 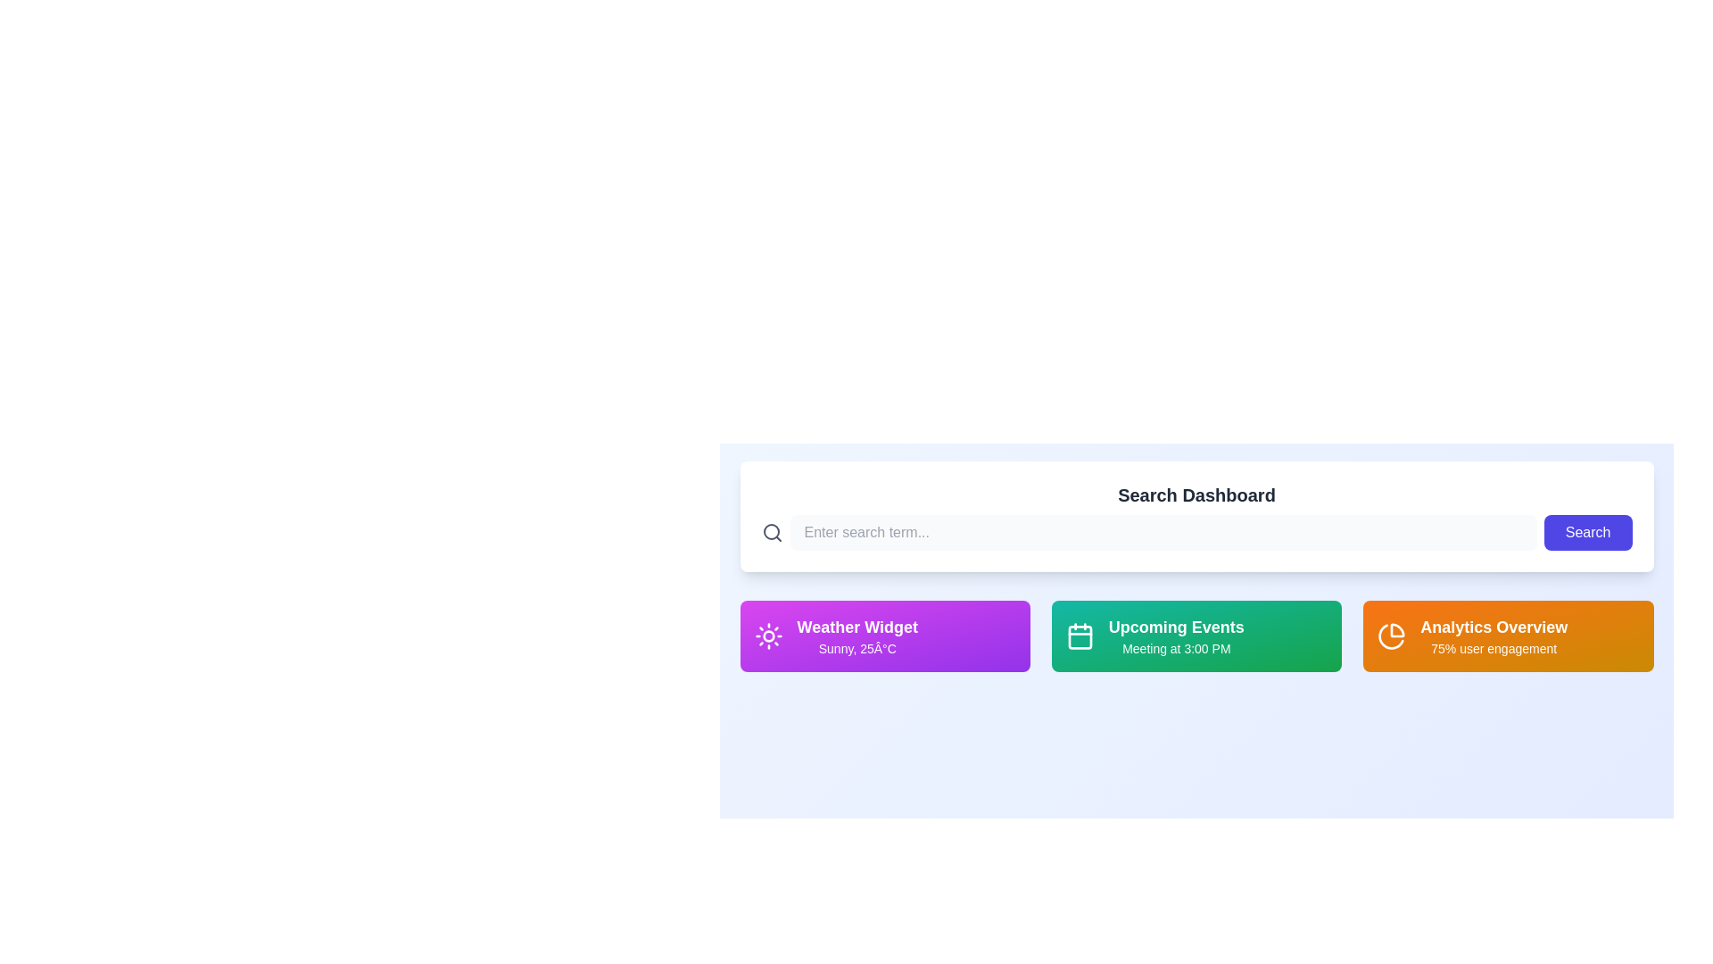 I want to click on the 'Upcoming Events' informational card located in the second column of the three-column layout to interact with its functionality, so click(x=1176, y=636).